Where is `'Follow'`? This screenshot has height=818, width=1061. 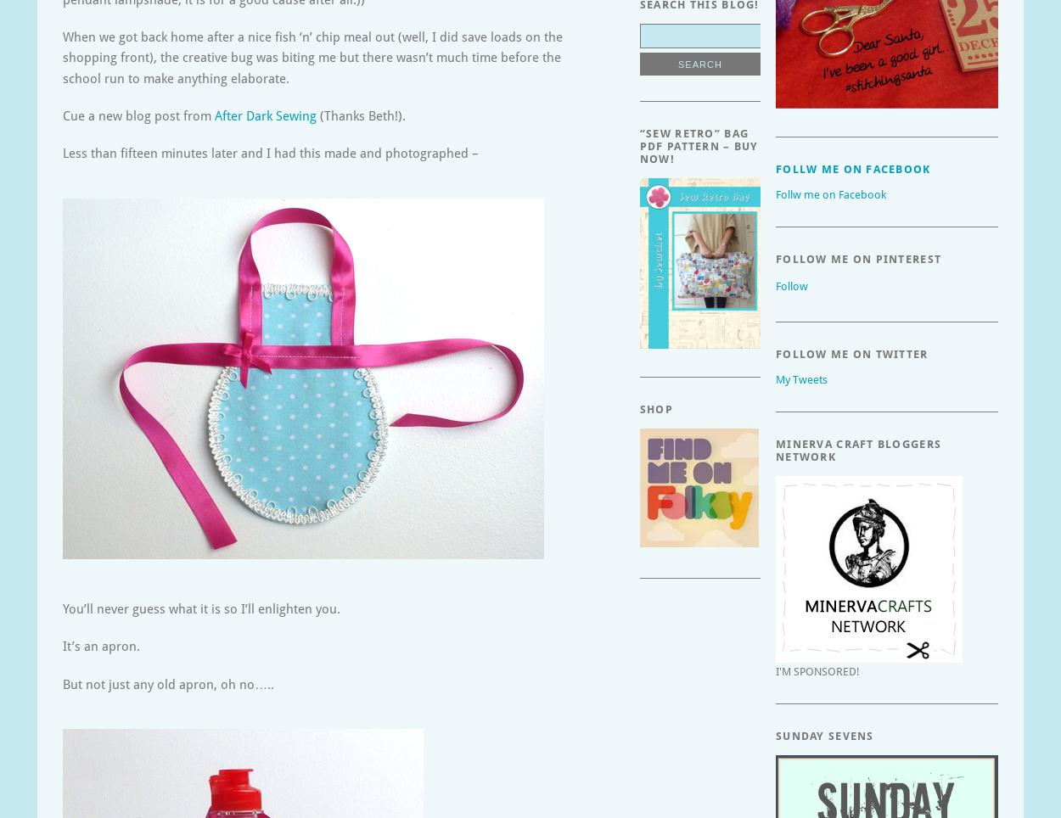 'Follow' is located at coordinates (791, 285).